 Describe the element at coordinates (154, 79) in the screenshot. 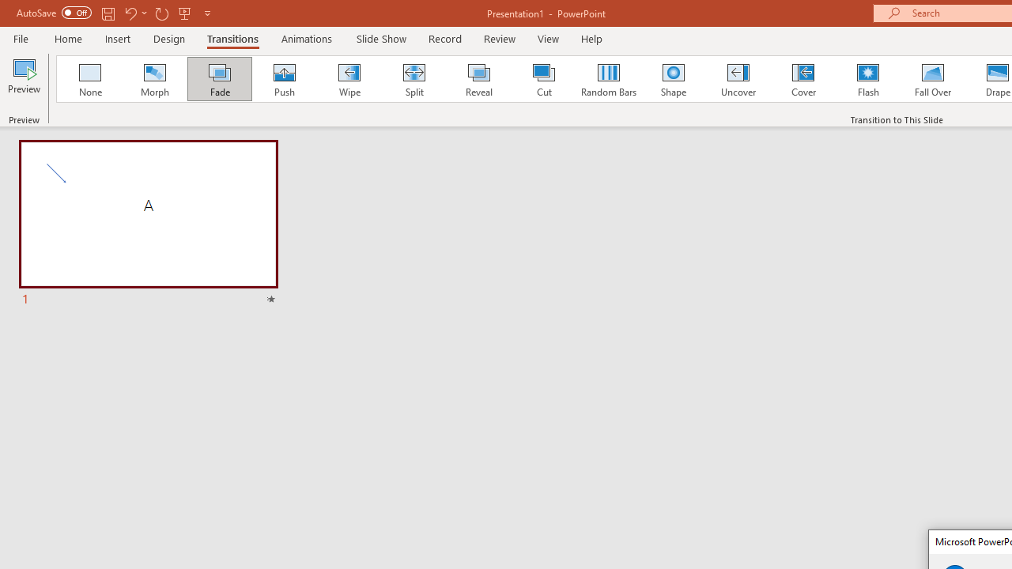

I see `'Morph'` at that location.